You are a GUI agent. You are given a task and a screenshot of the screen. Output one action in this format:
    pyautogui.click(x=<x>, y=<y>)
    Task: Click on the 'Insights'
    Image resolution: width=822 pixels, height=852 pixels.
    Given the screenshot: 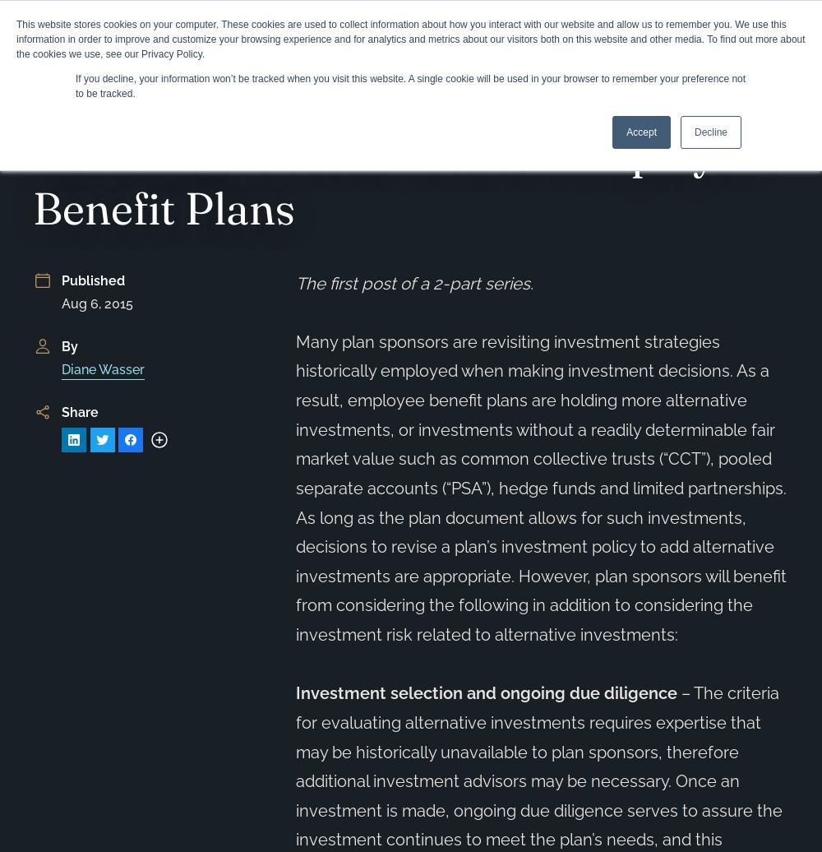 What is the action you would take?
    pyautogui.click(x=140, y=108)
    